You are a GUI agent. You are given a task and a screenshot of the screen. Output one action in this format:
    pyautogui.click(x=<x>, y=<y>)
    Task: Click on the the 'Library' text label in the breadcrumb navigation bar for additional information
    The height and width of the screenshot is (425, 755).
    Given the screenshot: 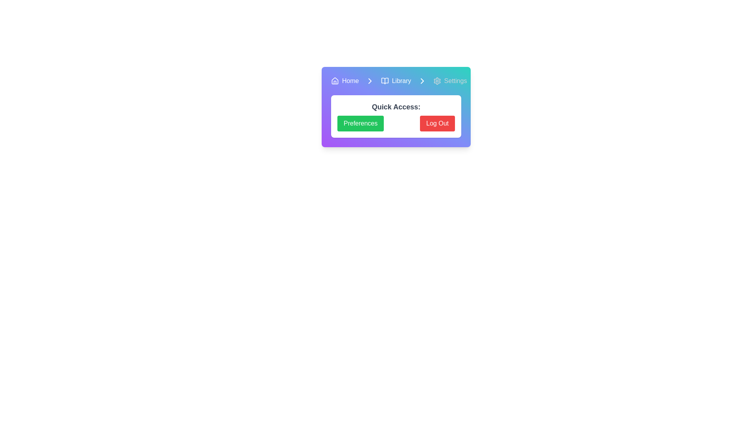 What is the action you would take?
    pyautogui.click(x=401, y=81)
    